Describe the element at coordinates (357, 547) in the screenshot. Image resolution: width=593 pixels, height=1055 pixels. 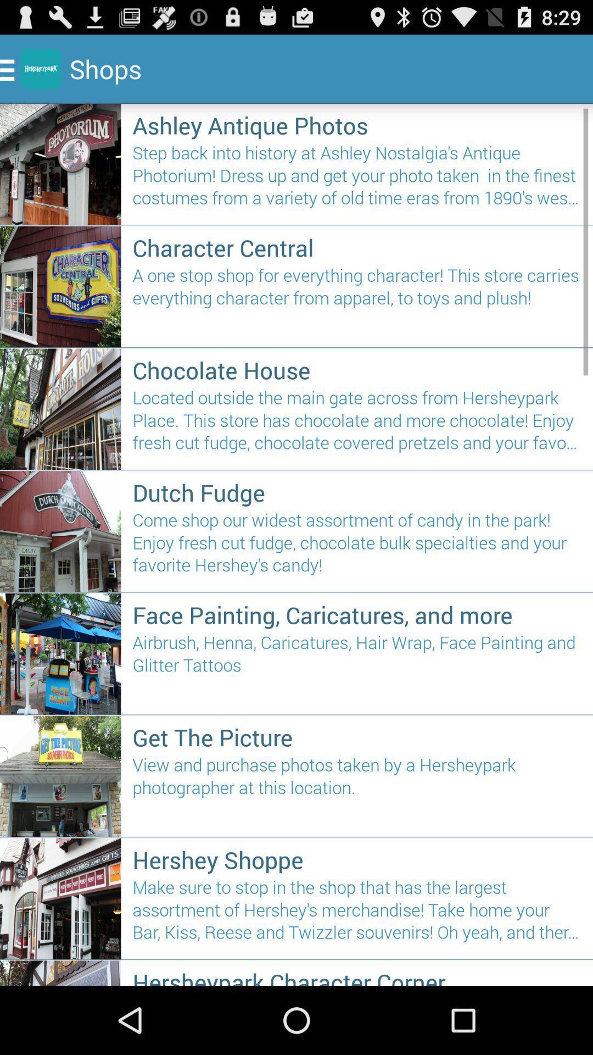
I see `the item below dutch fudge` at that location.